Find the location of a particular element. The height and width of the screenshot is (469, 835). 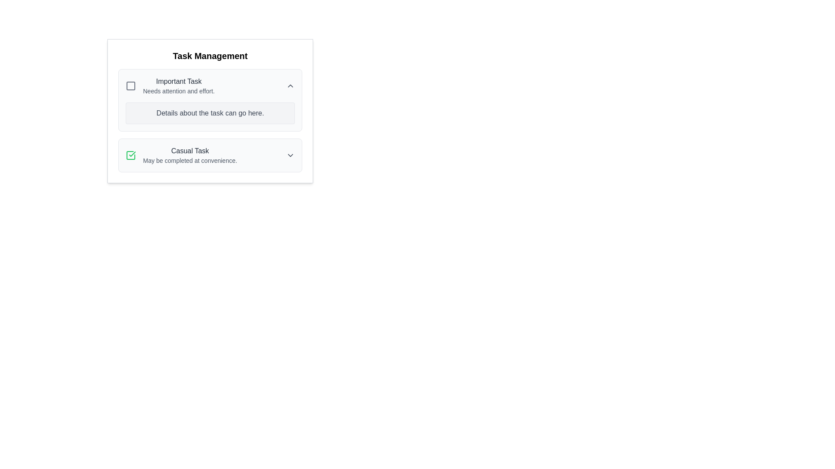

the checkmark icon located inside the 'Casual Task' row is located at coordinates (132, 153).